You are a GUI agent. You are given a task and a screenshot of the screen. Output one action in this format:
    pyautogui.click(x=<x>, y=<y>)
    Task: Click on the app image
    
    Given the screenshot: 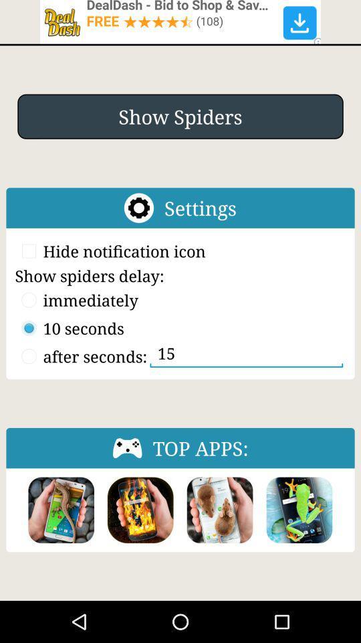 What is the action you would take?
    pyautogui.click(x=220, y=509)
    